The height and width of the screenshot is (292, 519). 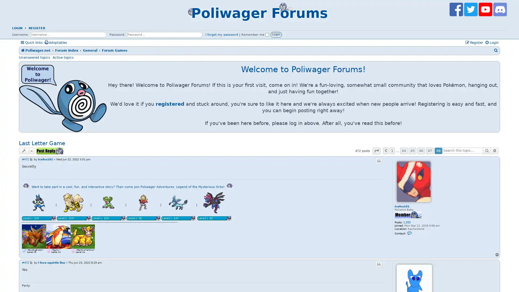 What do you see at coordinates (276, 34) in the screenshot?
I see `Login` at bounding box center [276, 34].